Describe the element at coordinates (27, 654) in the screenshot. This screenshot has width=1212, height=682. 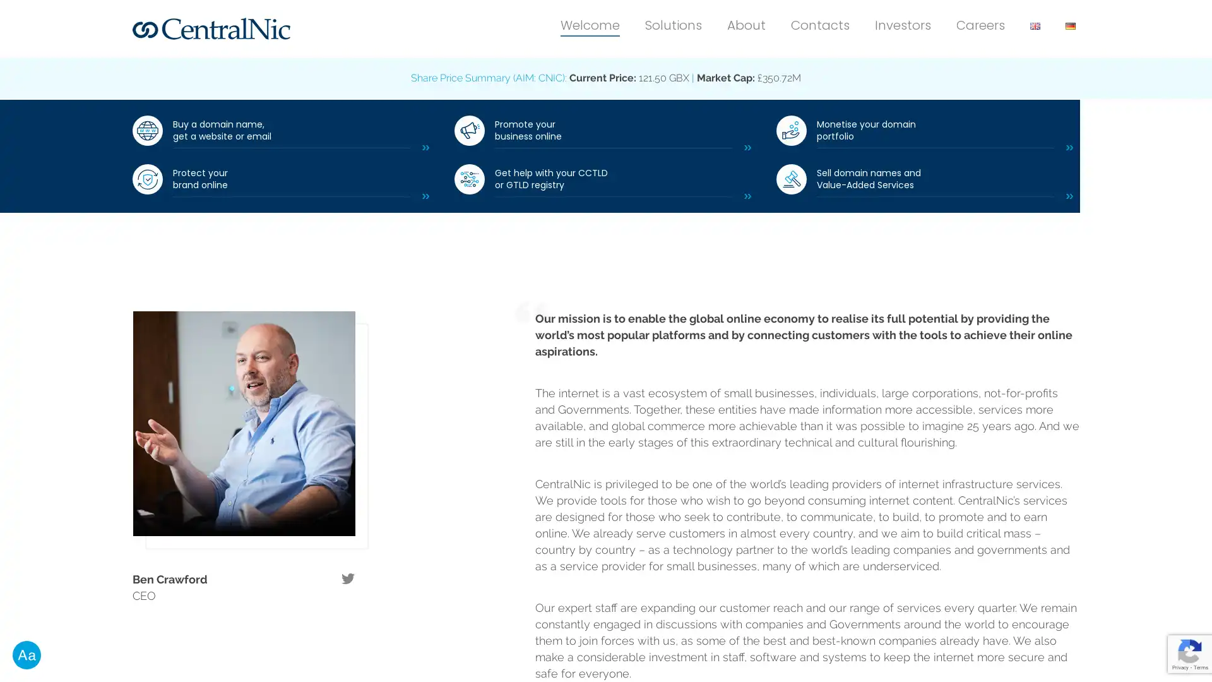
I see `Open accessibility options, statement and help` at that location.